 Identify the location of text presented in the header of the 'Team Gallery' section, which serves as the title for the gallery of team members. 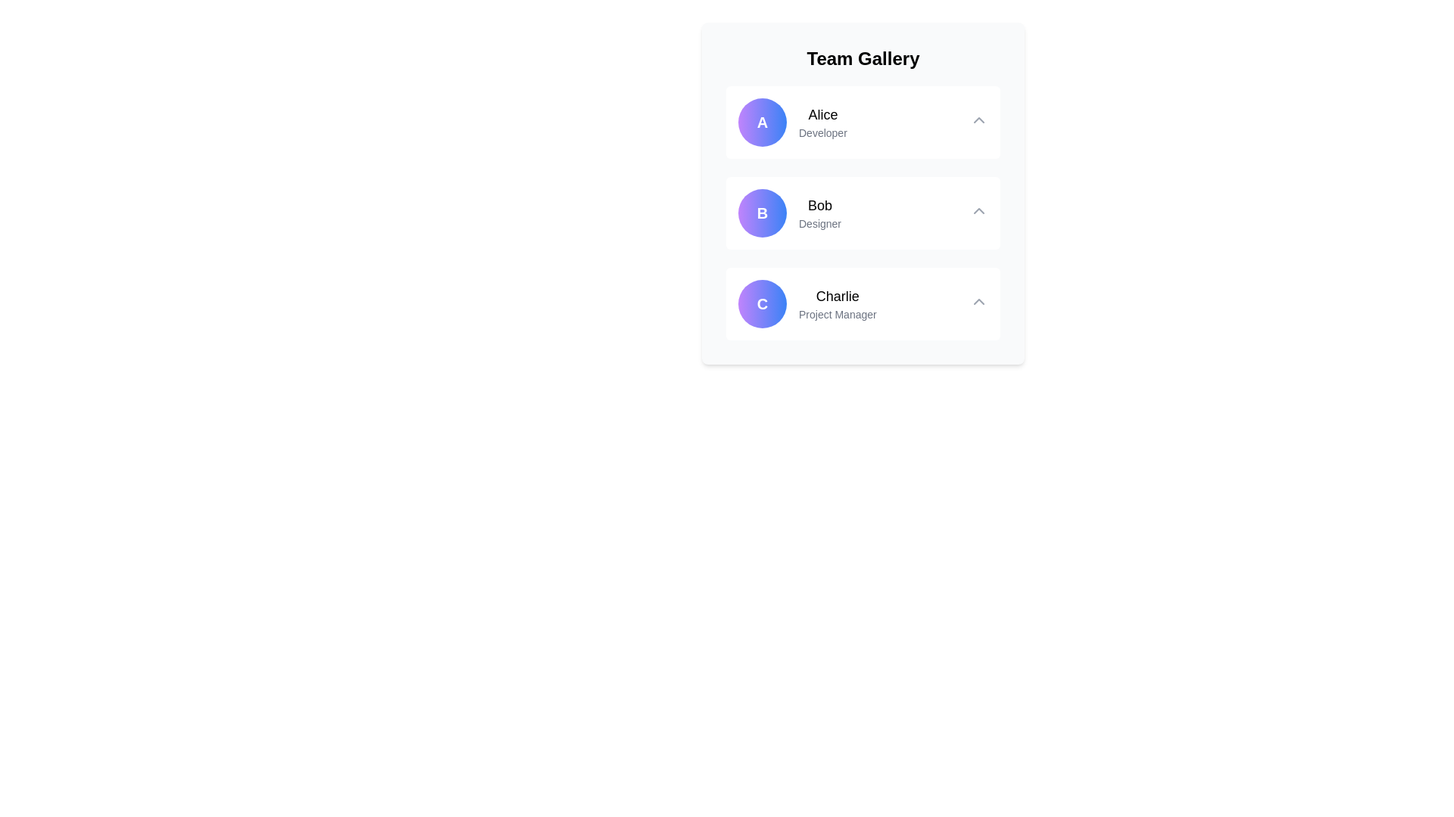
(863, 57).